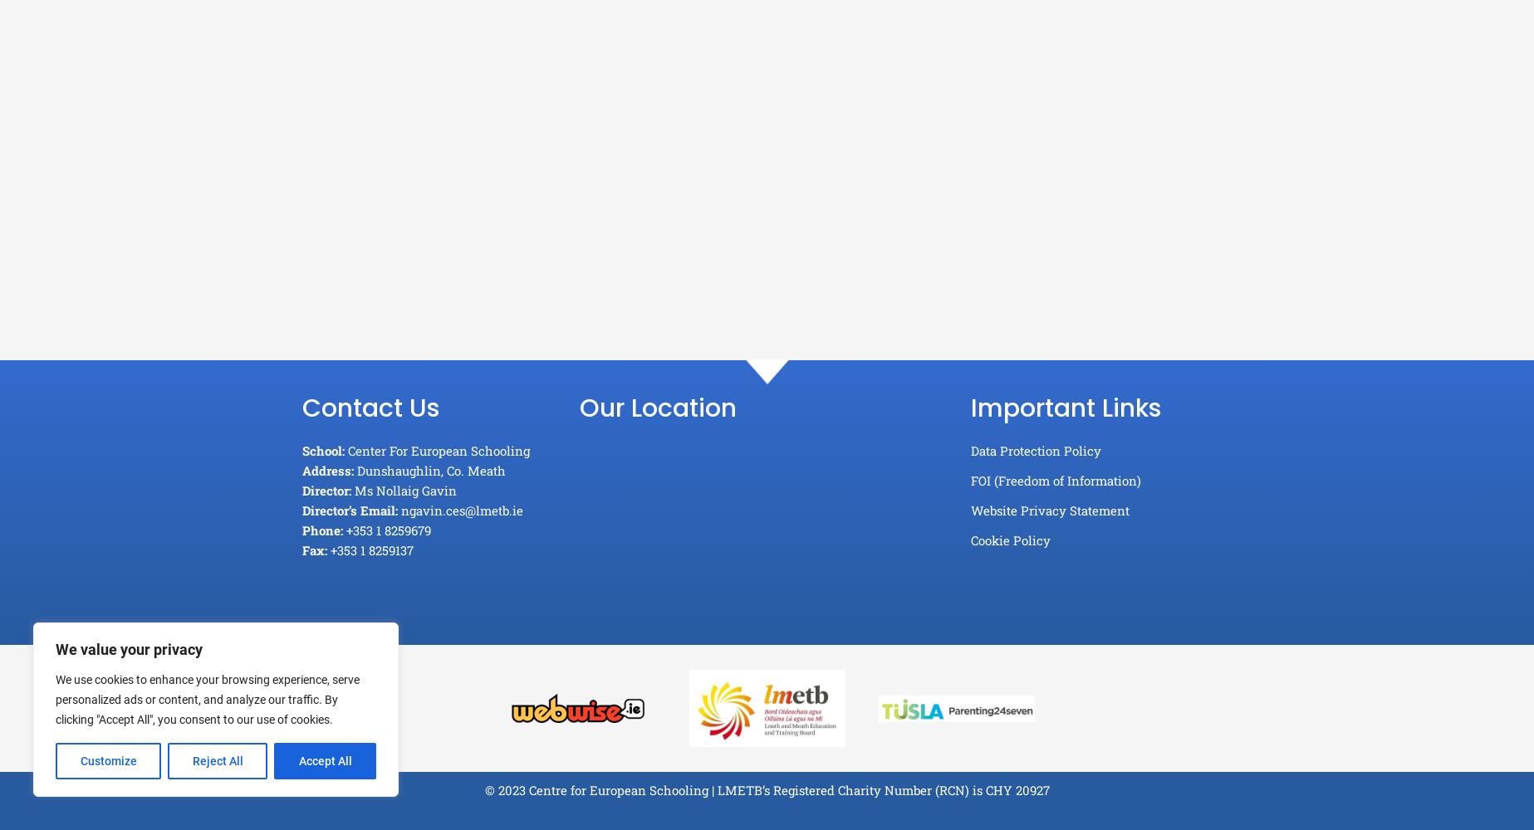  What do you see at coordinates (429, 470) in the screenshot?
I see `'Dunshaughlin, Co. Meath'` at bounding box center [429, 470].